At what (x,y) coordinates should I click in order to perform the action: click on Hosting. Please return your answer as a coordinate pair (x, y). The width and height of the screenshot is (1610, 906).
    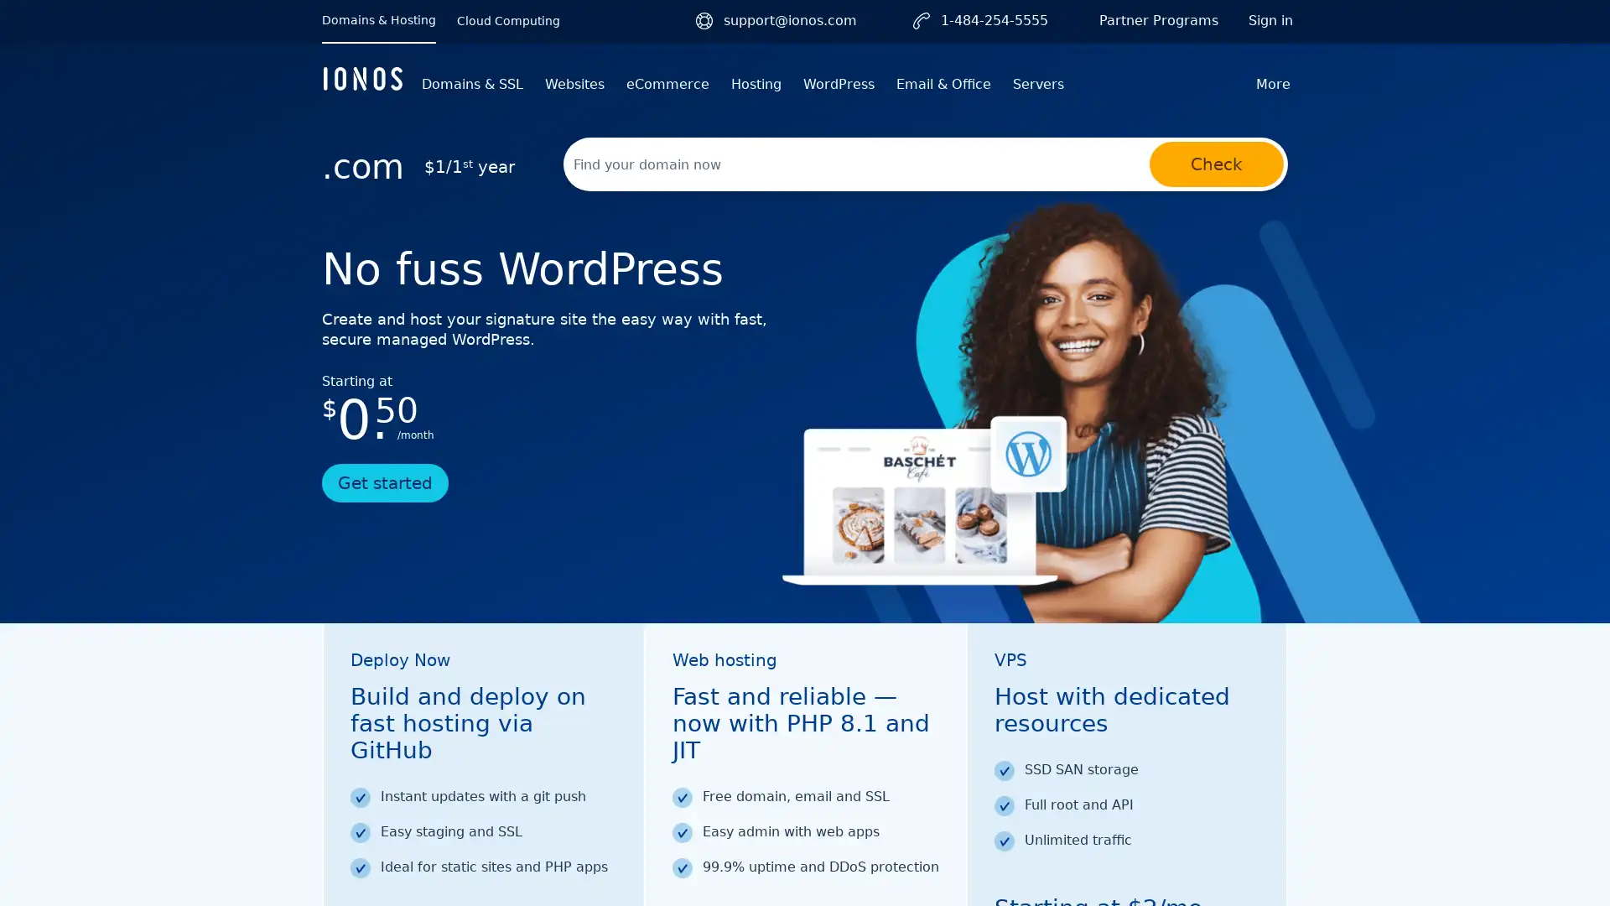
    Looking at the image, I should click on (756, 84).